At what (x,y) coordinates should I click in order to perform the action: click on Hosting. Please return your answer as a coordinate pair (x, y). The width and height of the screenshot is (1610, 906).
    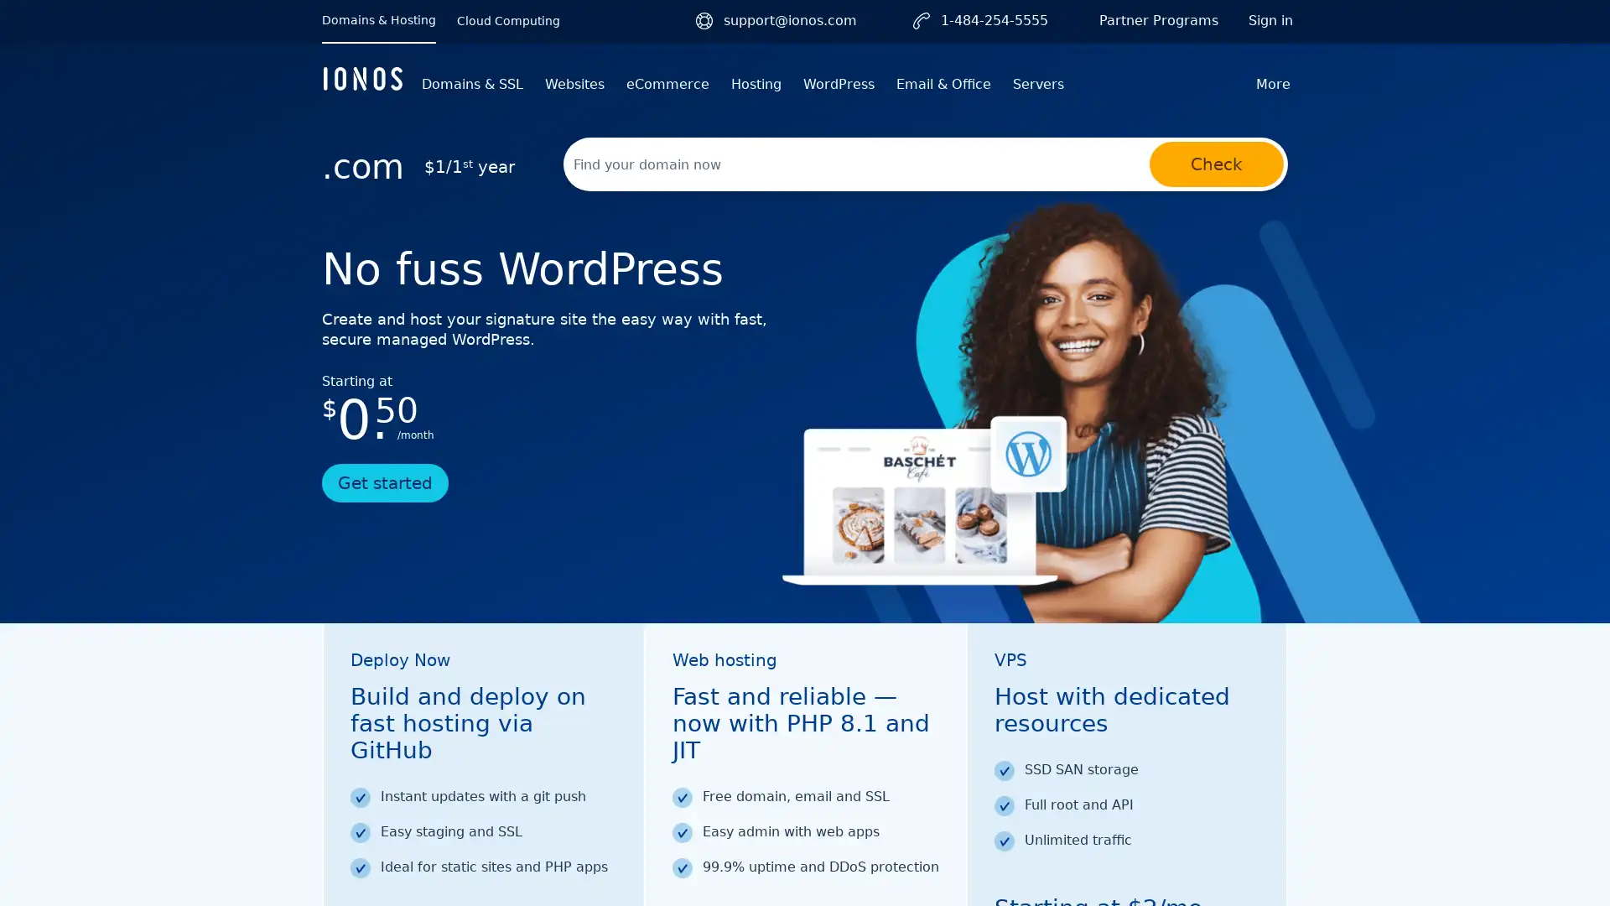
    Looking at the image, I should click on (756, 84).